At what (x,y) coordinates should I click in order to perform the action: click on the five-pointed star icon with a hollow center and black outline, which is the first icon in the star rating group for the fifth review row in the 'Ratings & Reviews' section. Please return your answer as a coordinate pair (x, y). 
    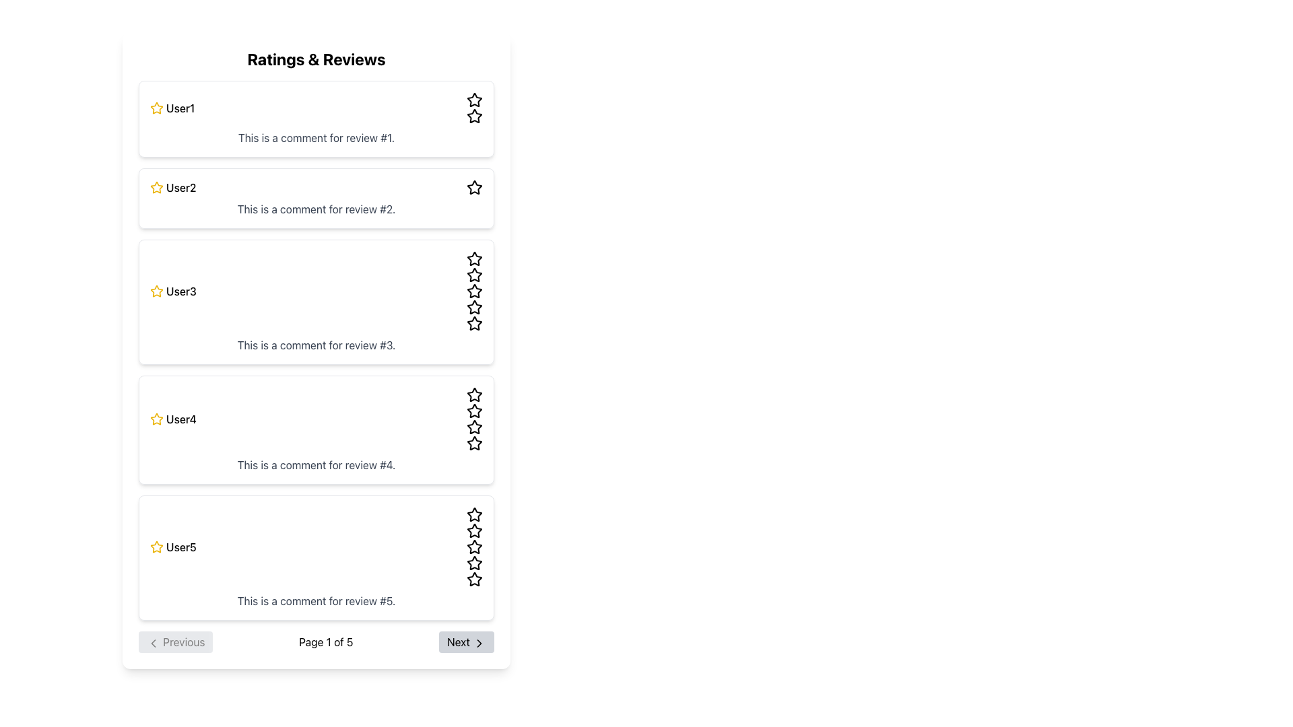
    Looking at the image, I should click on (475, 514).